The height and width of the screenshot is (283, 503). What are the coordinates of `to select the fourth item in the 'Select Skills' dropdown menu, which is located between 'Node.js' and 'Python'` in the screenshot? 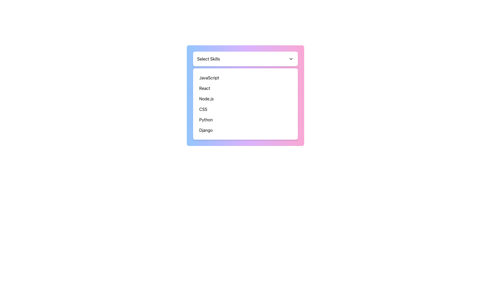 It's located at (245, 109).